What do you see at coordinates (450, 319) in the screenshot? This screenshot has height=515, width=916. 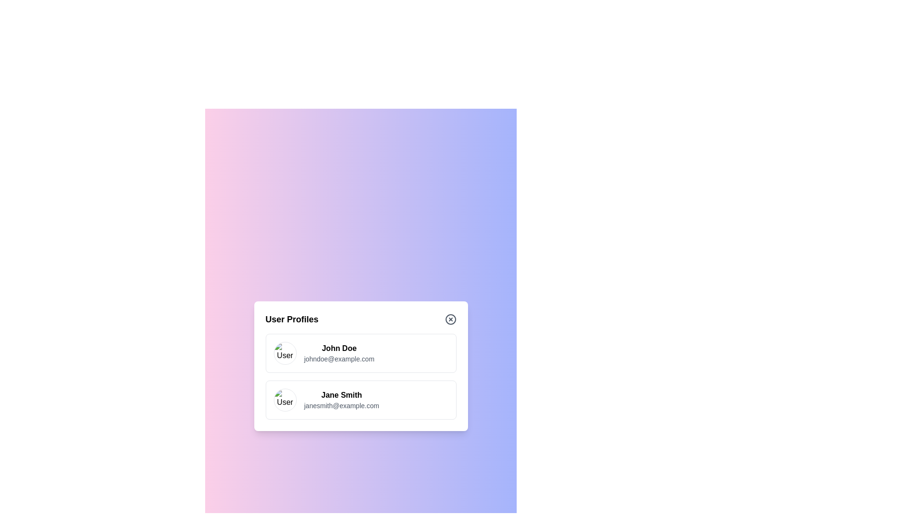 I see `the close button to dismiss the dialog` at bounding box center [450, 319].